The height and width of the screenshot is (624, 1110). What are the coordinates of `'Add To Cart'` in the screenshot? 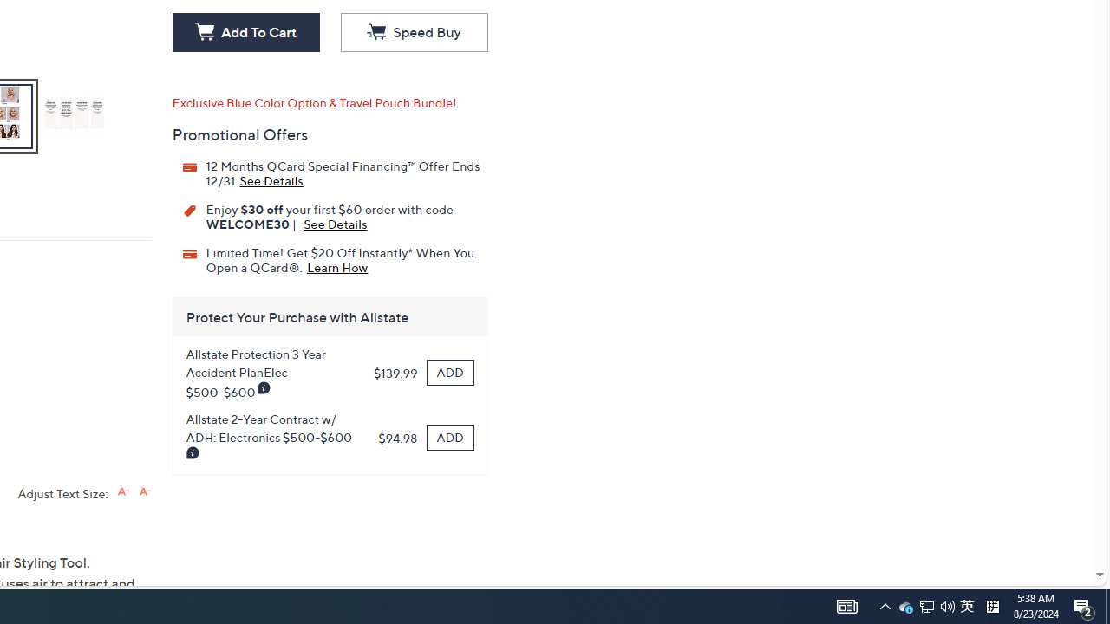 It's located at (245, 33).